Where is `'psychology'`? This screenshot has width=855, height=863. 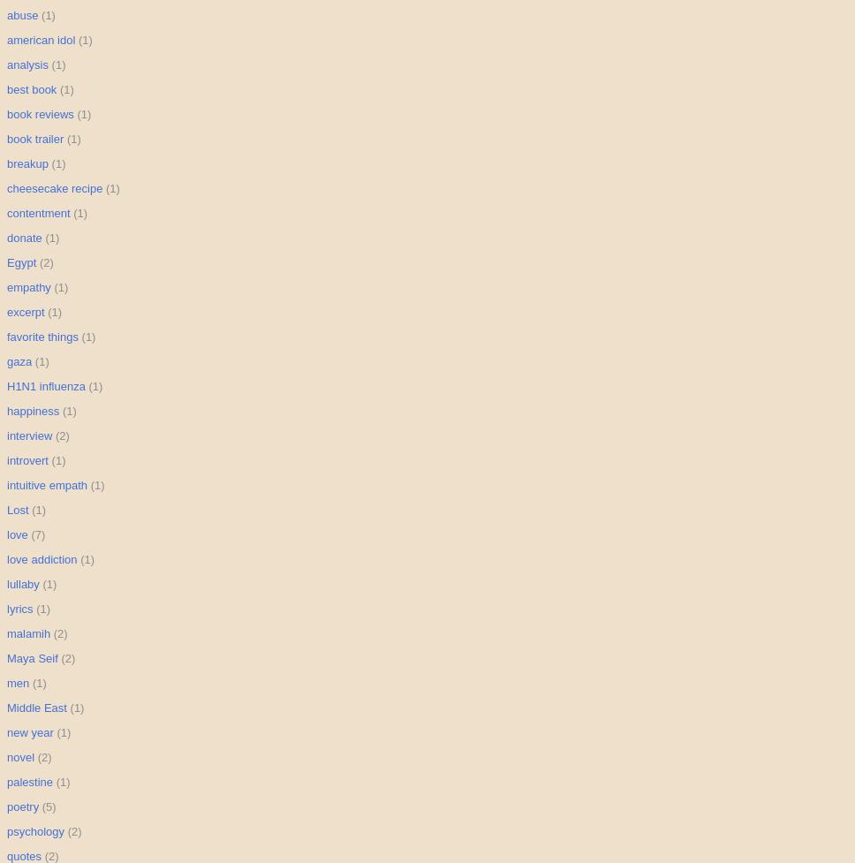 'psychology' is located at coordinates (35, 830).